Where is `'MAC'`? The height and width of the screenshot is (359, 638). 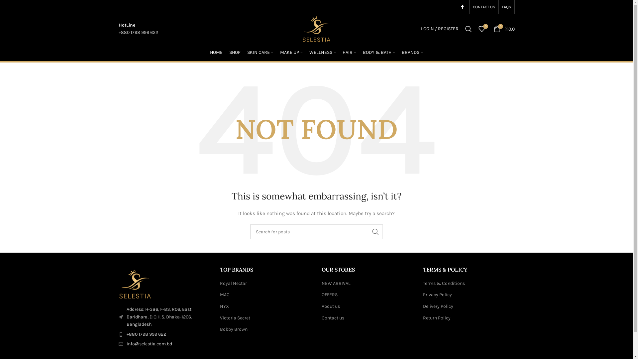 'MAC' is located at coordinates (225, 295).